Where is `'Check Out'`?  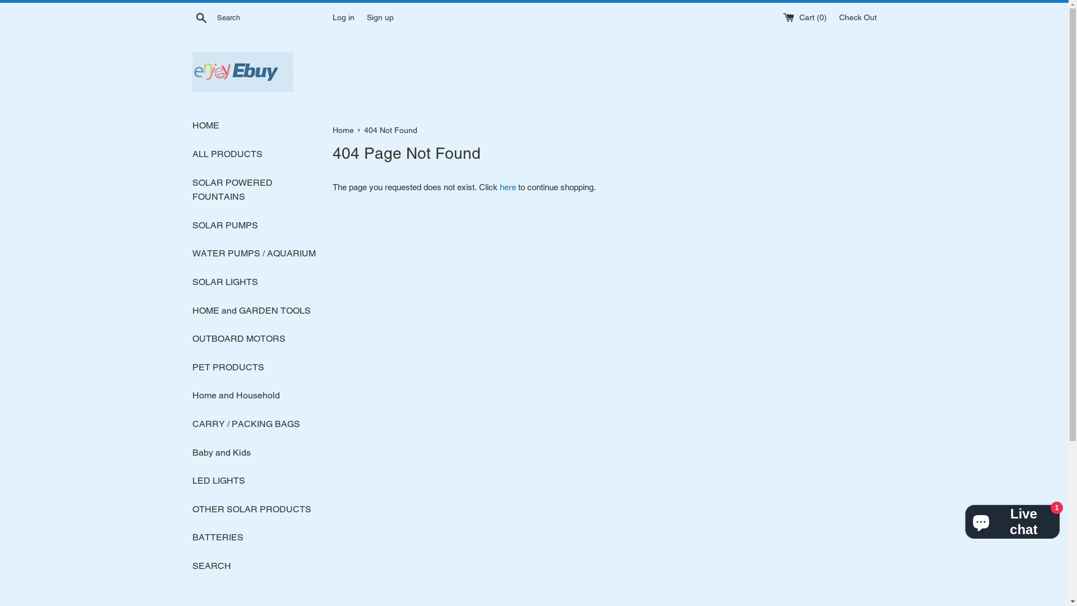
'Check Out' is located at coordinates (857, 17).